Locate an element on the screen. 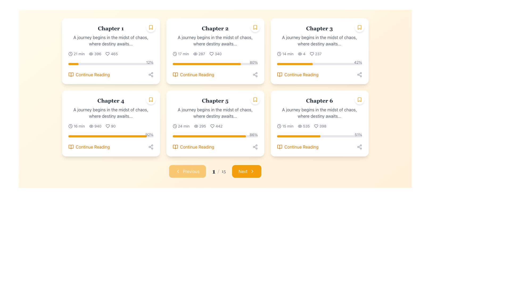 The width and height of the screenshot is (511, 287). the Share Icon located in the bottom-right corner of the 'Chapter 5' card to invoke the share functionality is located at coordinates (255, 147).